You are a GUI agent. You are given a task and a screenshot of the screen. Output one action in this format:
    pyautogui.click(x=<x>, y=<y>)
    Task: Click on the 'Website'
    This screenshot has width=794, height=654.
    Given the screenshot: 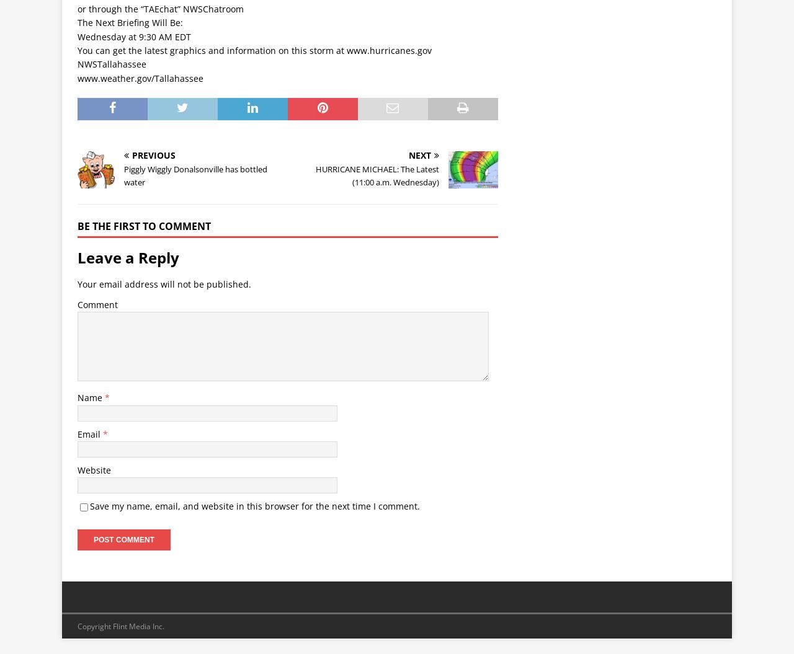 What is the action you would take?
    pyautogui.click(x=77, y=470)
    